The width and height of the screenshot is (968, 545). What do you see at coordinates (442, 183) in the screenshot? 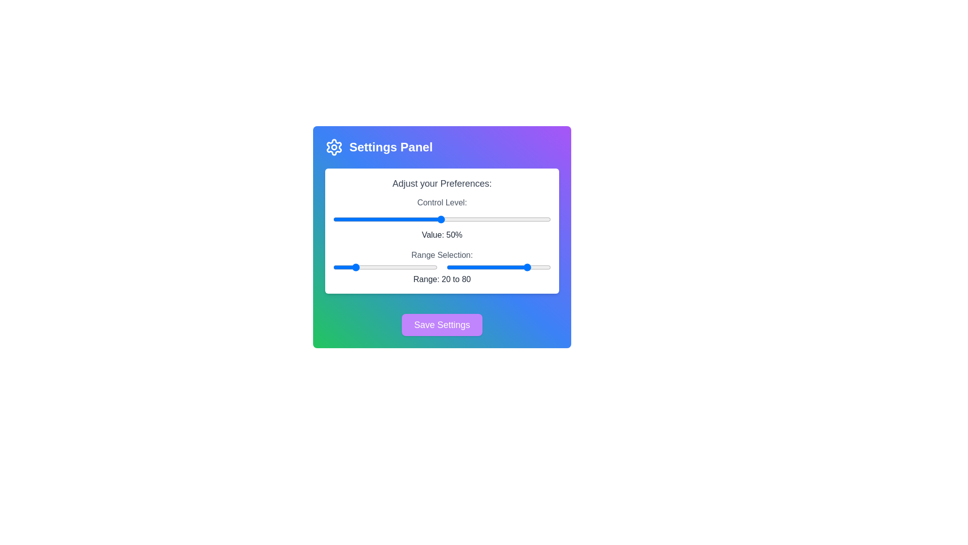
I see `the textual label that says 'Adjust your Preferences:', which is styled in a large dark-gray font and positioned centrally at the top of a white content section within a gradient panel` at bounding box center [442, 183].